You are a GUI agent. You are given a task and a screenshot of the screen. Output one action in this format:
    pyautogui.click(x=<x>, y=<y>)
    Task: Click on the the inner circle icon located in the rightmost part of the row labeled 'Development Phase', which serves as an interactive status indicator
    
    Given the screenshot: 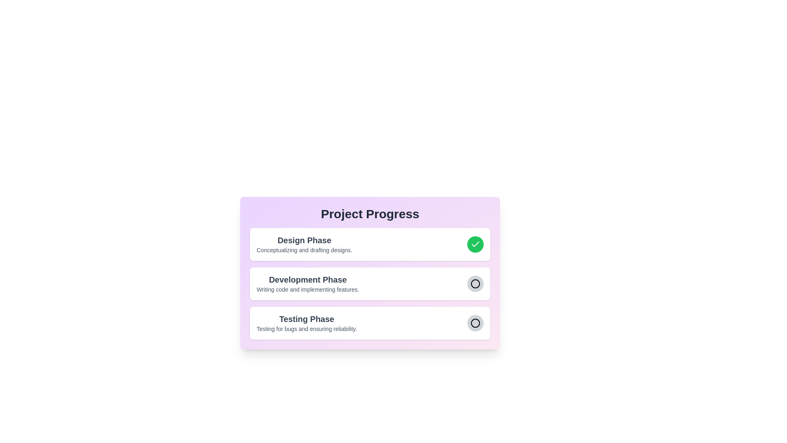 What is the action you would take?
    pyautogui.click(x=475, y=322)
    